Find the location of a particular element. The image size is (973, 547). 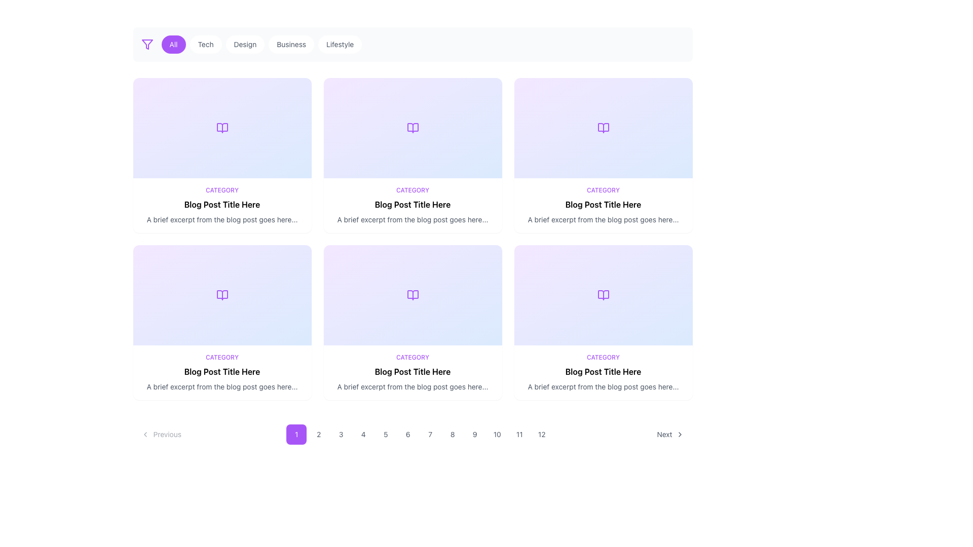

the minimalist purple funnel icon located at the far left of the filter options row to trigger a tooltip or visual feedback is located at coordinates (146, 44).